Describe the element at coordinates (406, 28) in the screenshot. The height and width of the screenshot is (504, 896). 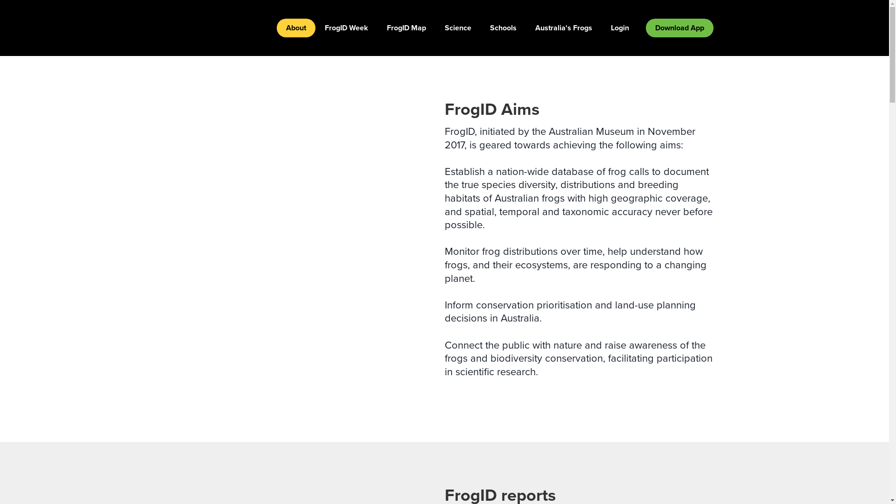
I see `'FrogID Map'` at that location.